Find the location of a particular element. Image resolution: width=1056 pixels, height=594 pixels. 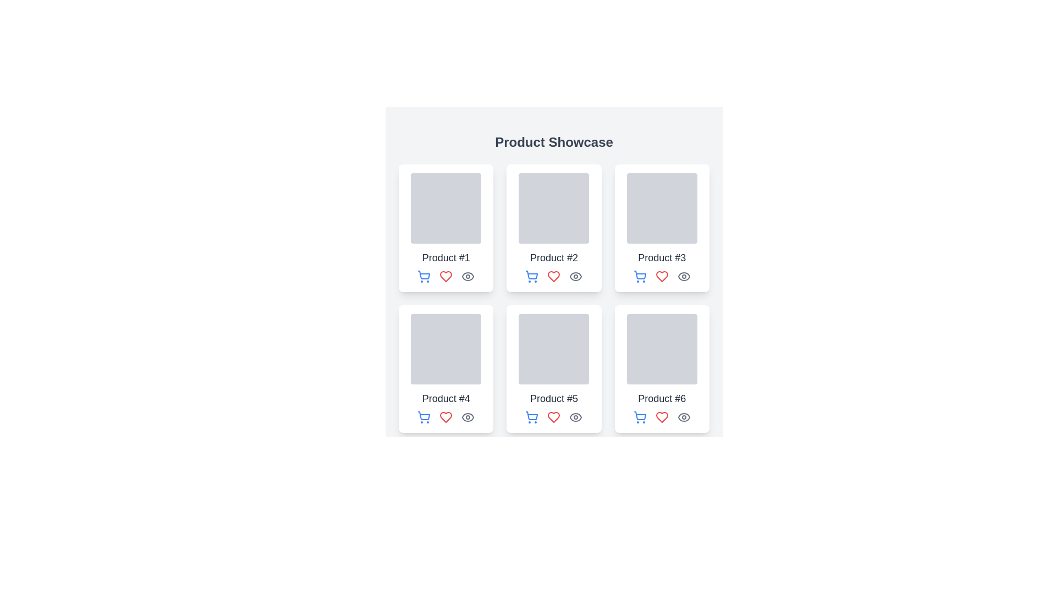

the product card located in the top row, third column of the product showcase list is located at coordinates (661, 228).